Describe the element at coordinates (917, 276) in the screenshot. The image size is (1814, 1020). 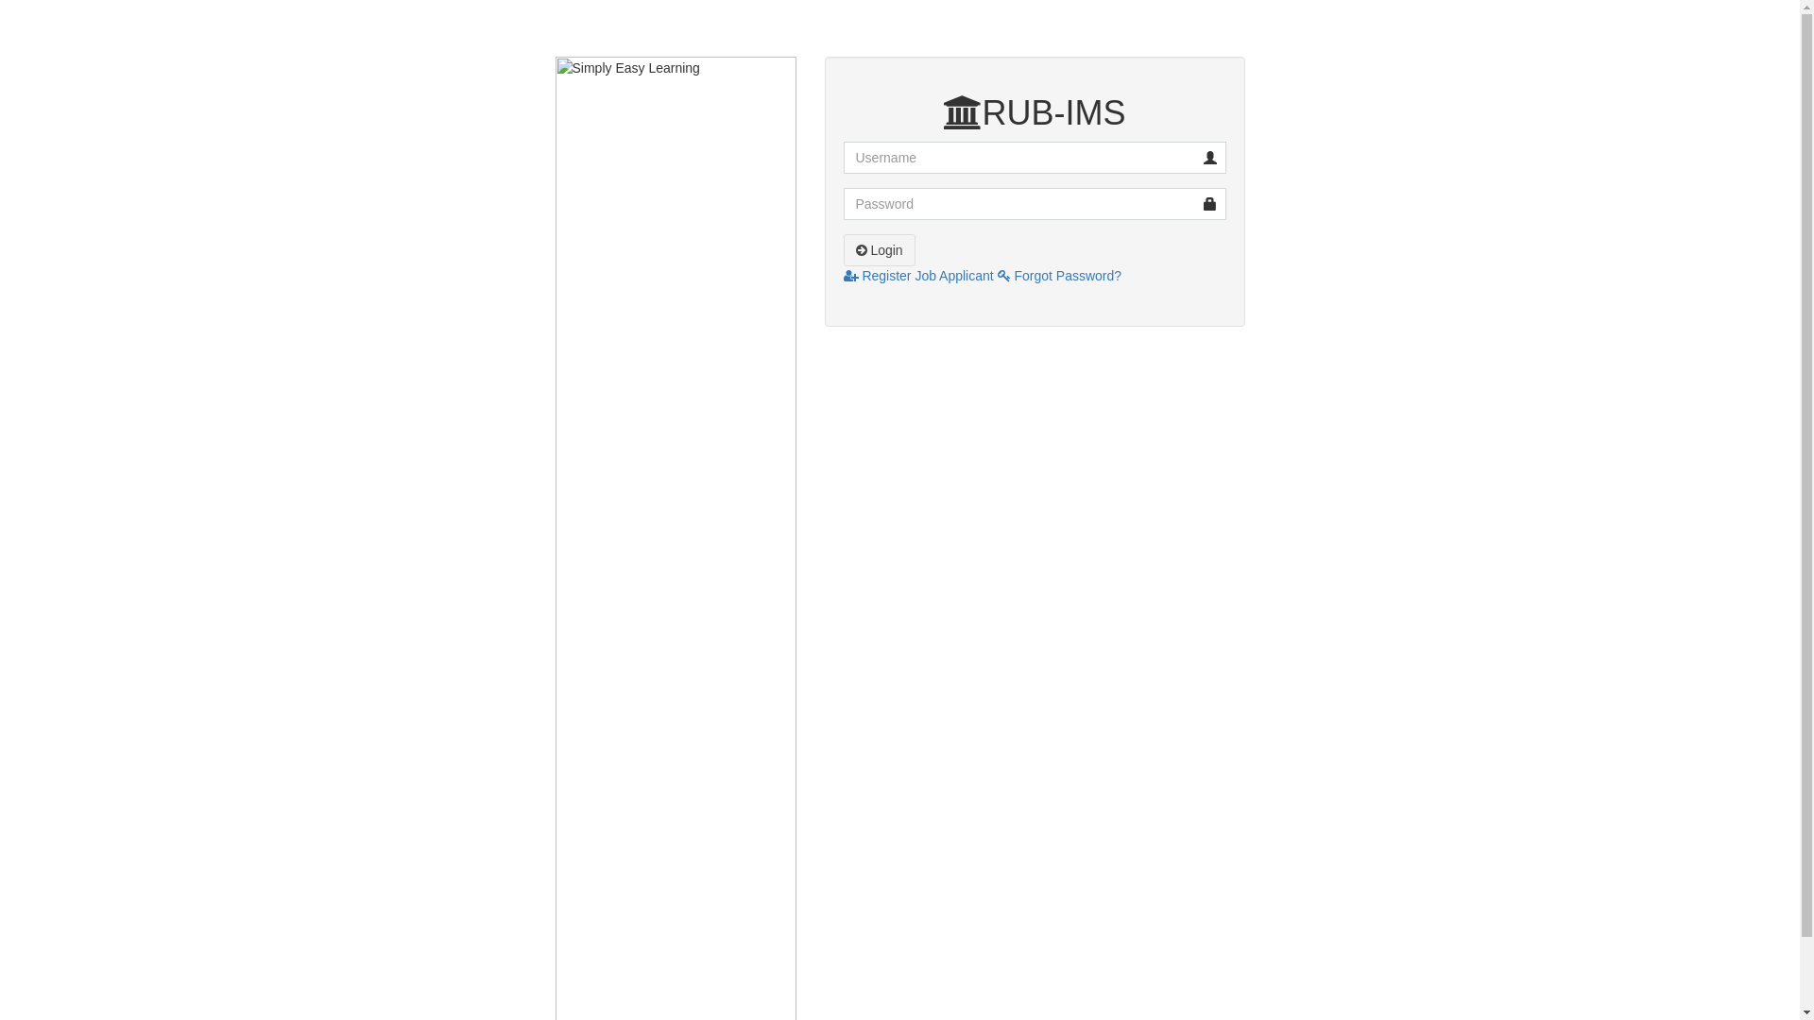
I see `'Register Job Applicant'` at that location.